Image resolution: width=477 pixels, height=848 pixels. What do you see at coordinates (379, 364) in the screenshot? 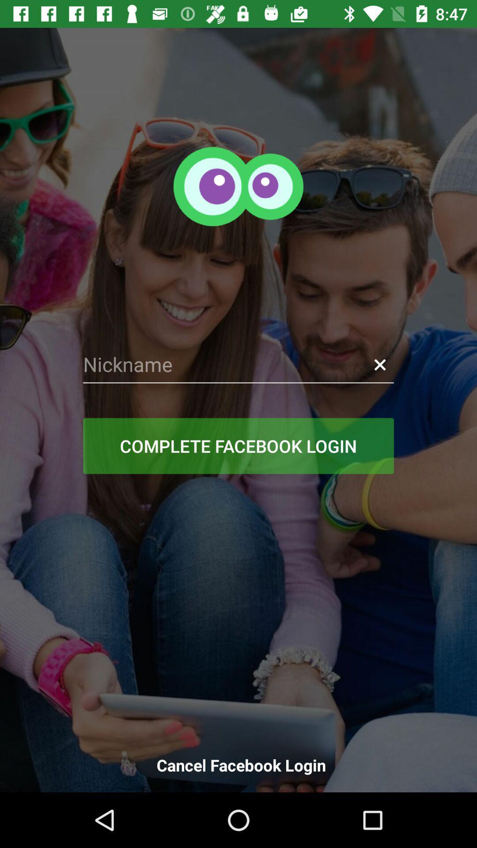
I see `clear the nickname field` at bounding box center [379, 364].